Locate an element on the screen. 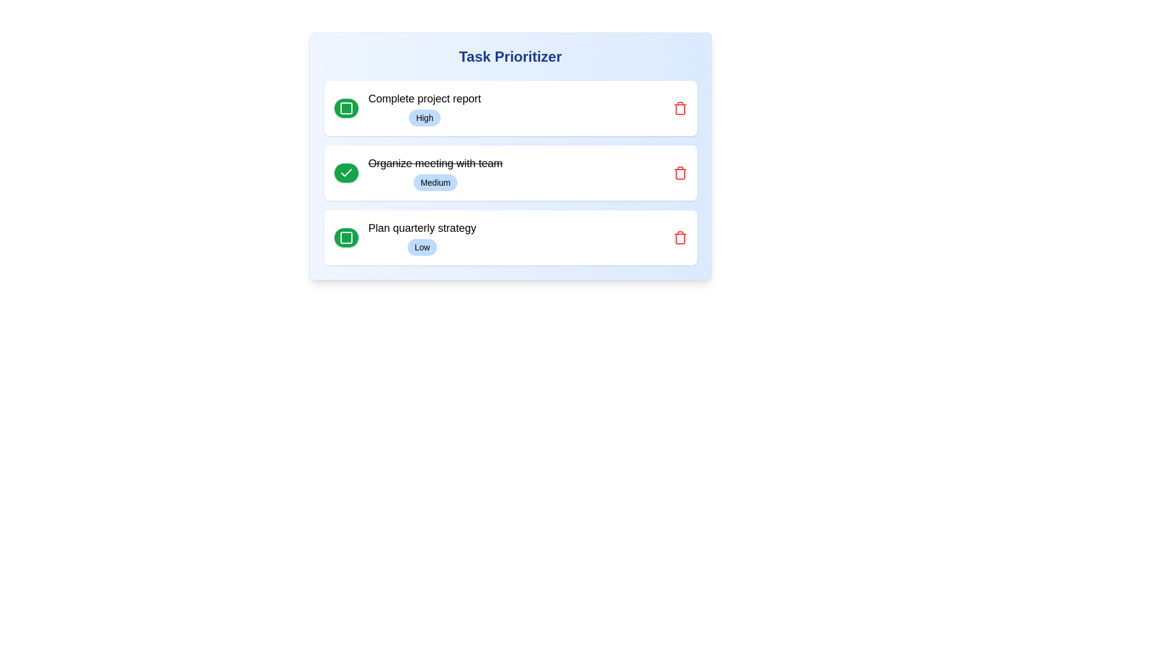 This screenshot has height=647, width=1151. the delete icon for the task 'Plan quarterly strategy' is located at coordinates (680, 238).